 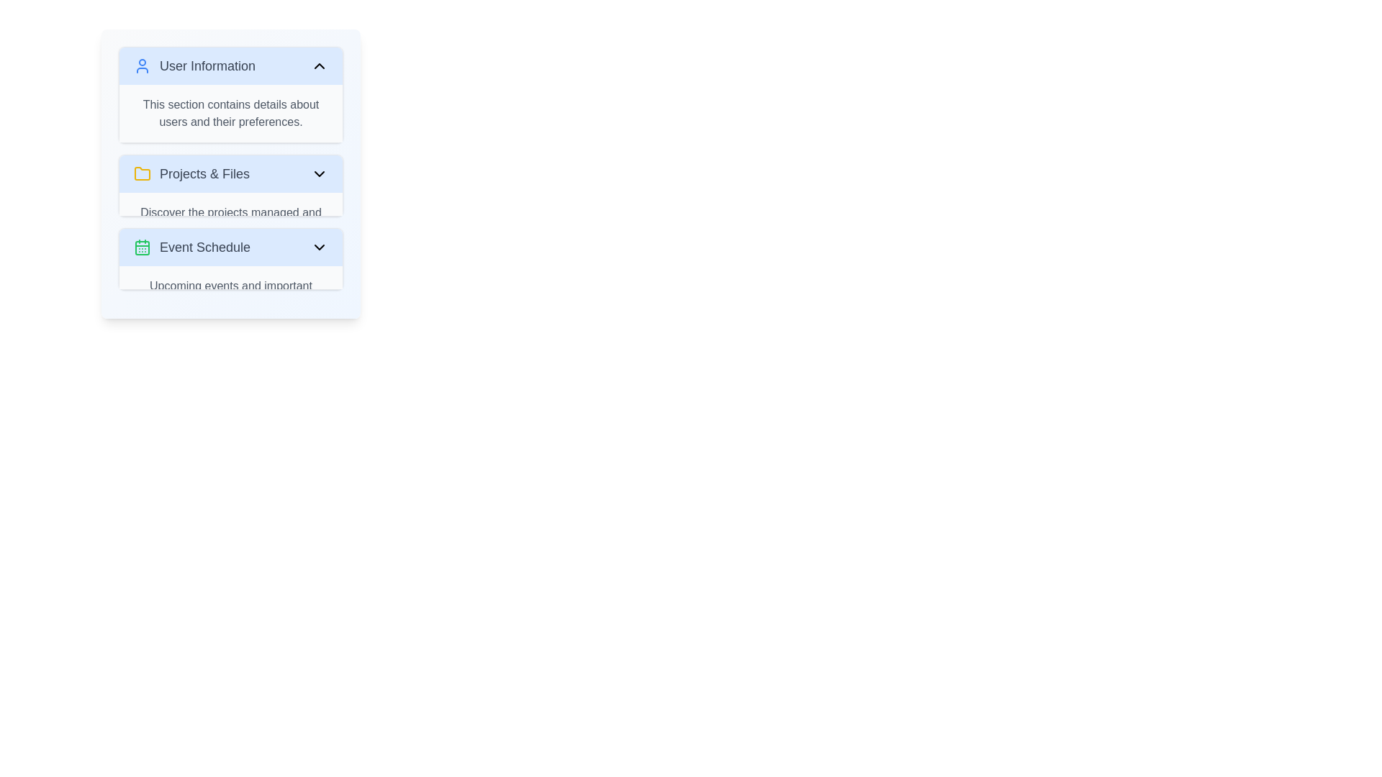 What do you see at coordinates (231, 173) in the screenshot?
I see `the collapsible header button for the 'Projects & Files' section` at bounding box center [231, 173].